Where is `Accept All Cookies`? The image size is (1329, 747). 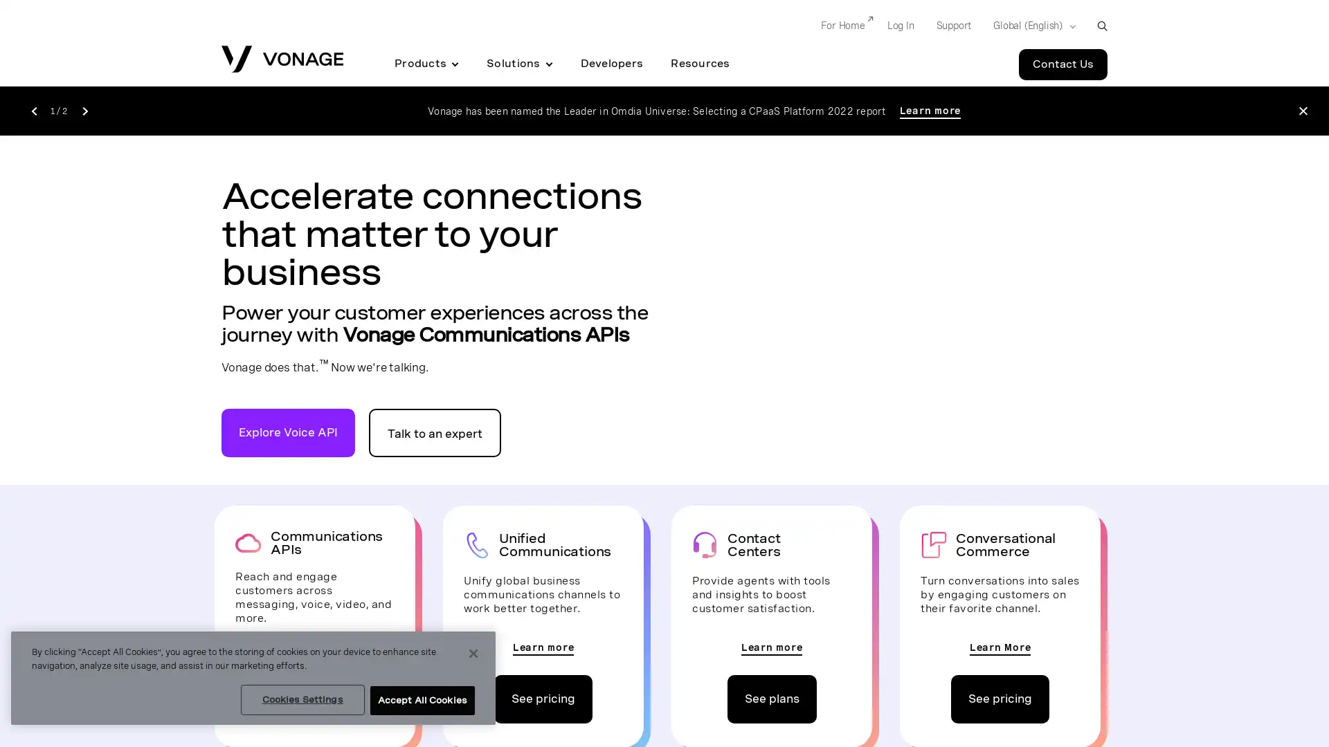 Accept All Cookies is located at coordinates (421, 701).